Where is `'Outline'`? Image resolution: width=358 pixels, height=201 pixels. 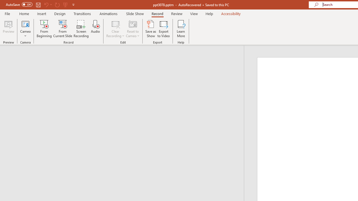
'Outline' is located at coordinates (124, 56).